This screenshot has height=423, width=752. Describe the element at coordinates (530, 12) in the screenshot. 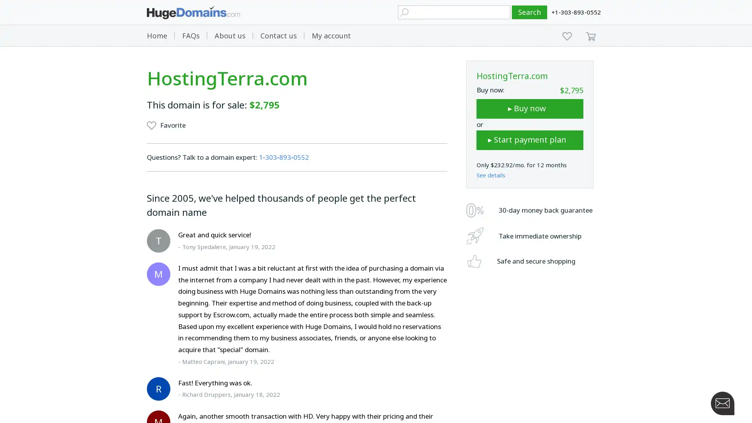

I see `Search` at that location.